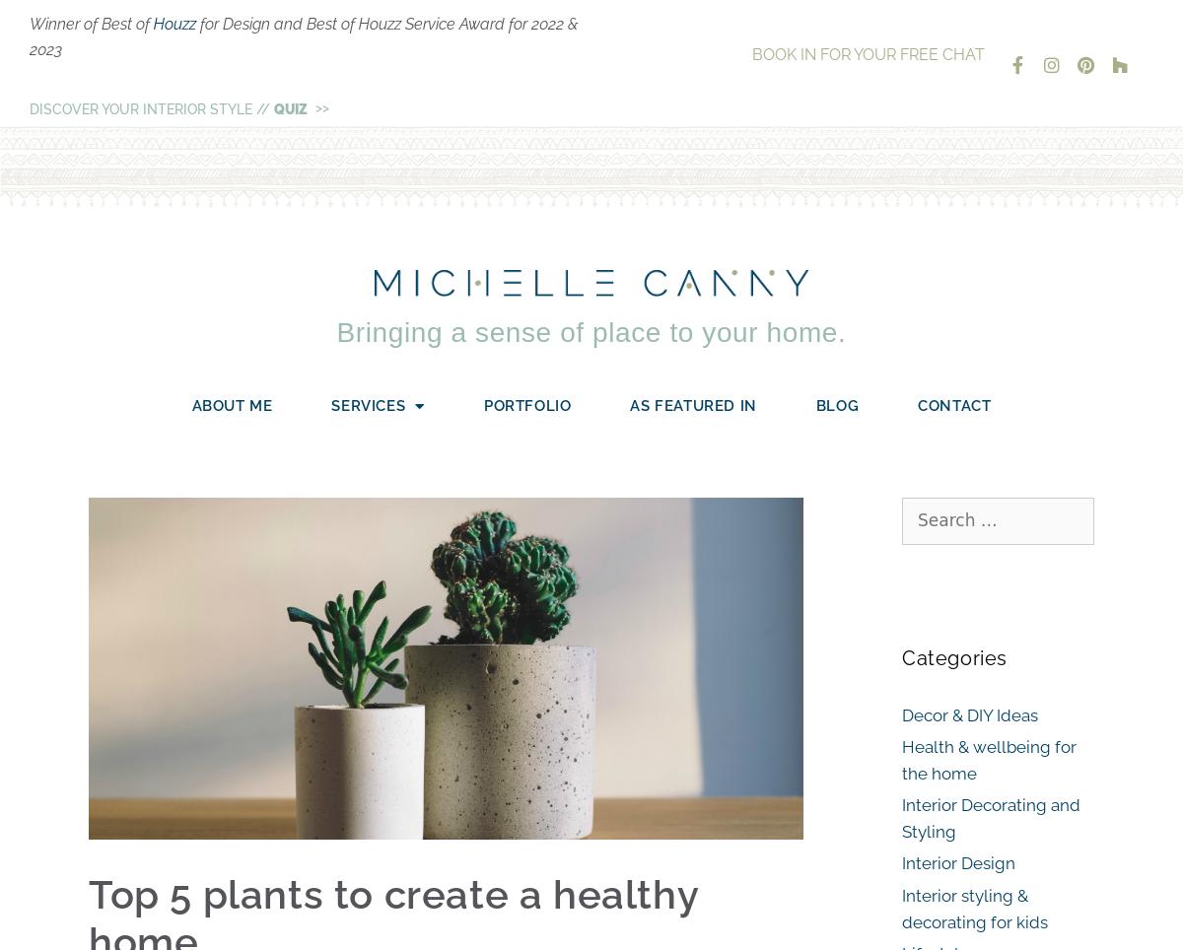  I want to click on 'Health & wellbeing for the home', so click(902, 759).